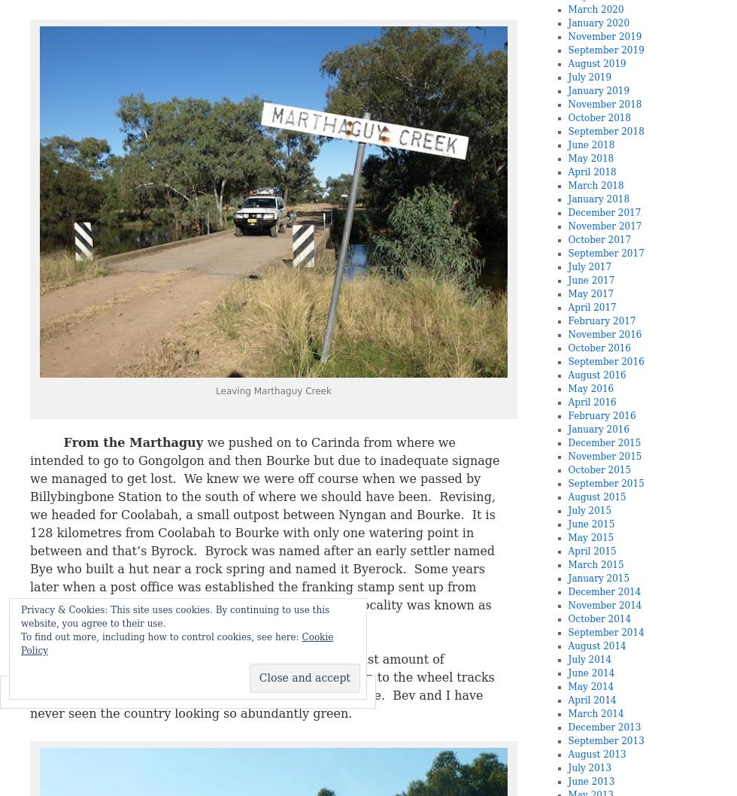 The height and width of the screenshot is (796, 737). Describe the element at coordinates (590, 388) in the screenshot. I see `'May 2016'` at that location.